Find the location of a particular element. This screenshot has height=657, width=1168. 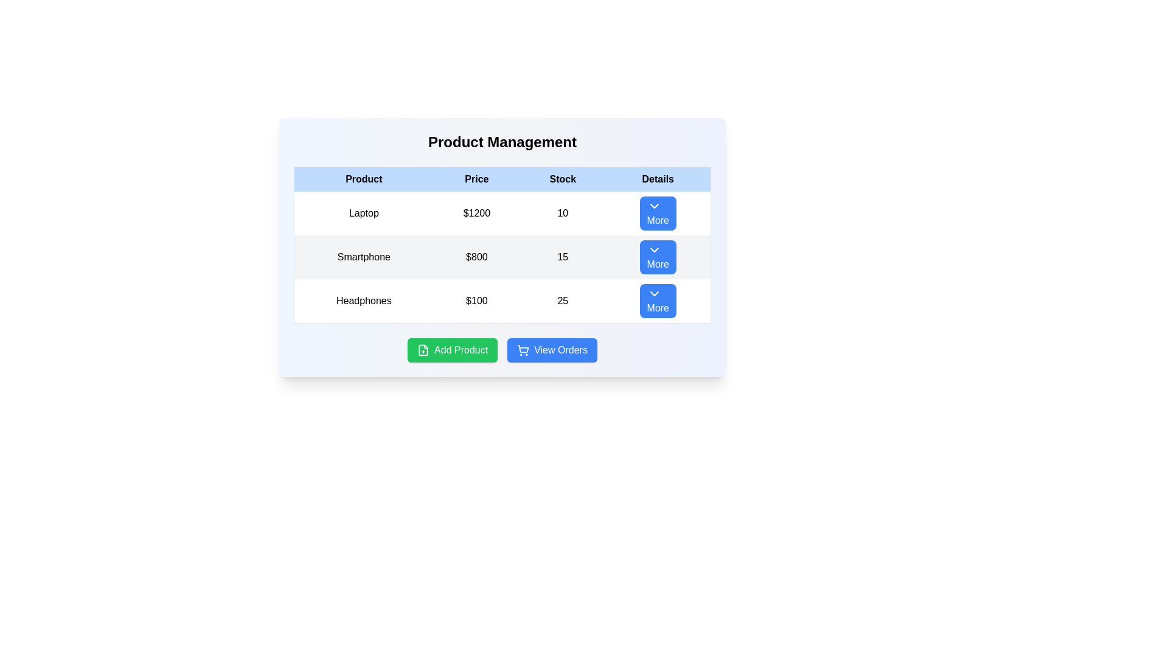

the static text label that indicates the product 'Smartphone' in the second row of the table's 'Product' column is located at coordinates (363, 257).